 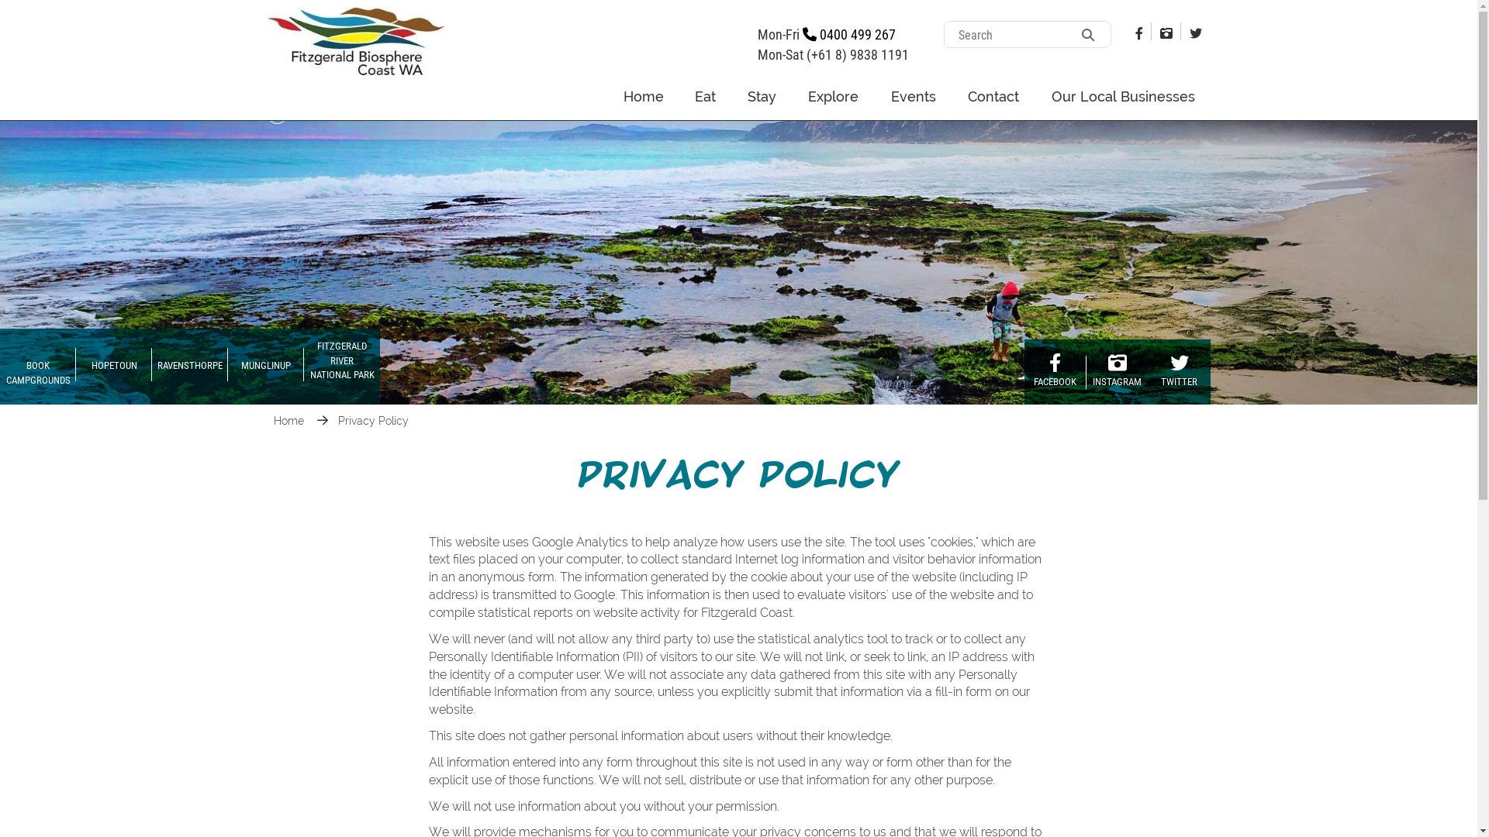 I want to click on 'Home', so click(x=289, y=421).